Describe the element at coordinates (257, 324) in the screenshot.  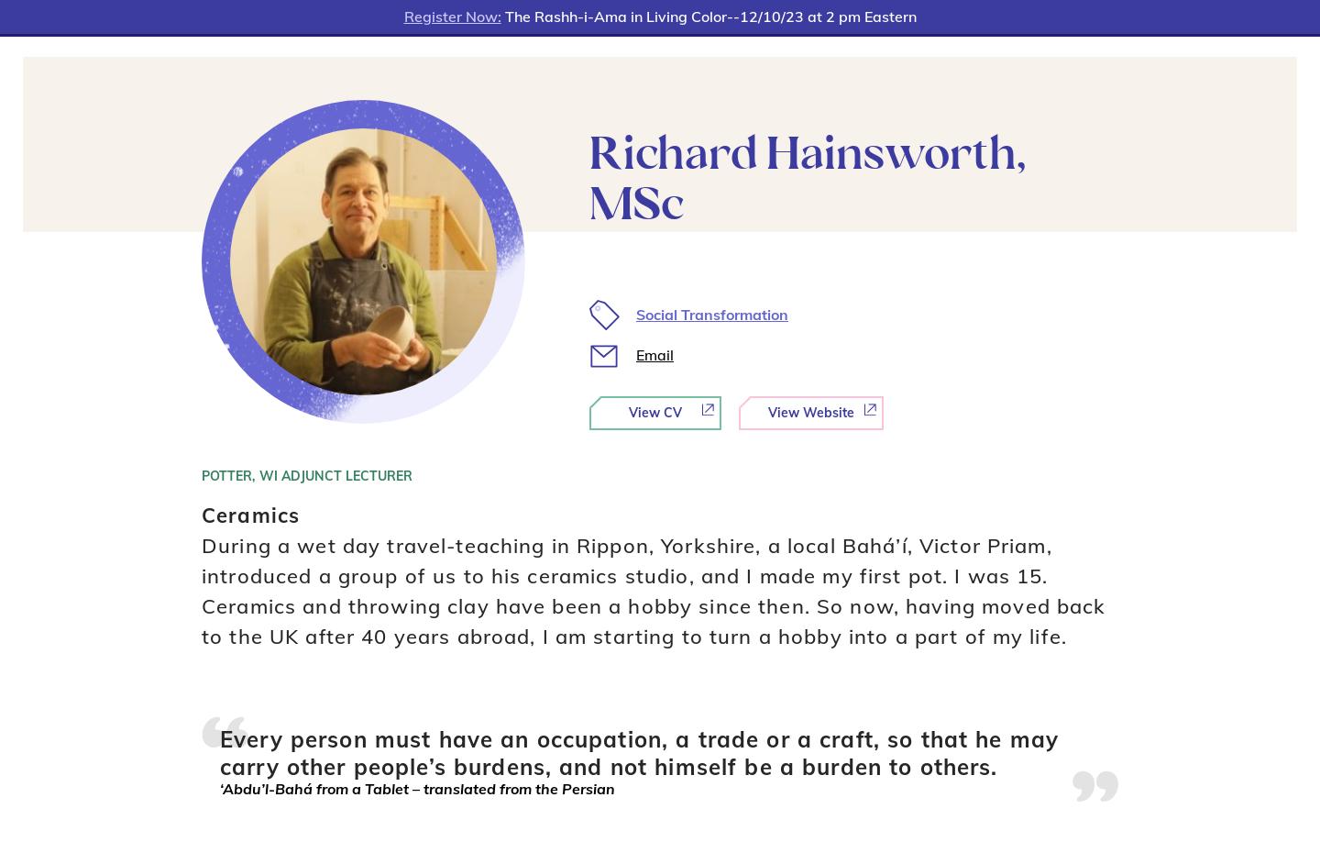
I see `'EXTENSION'` at that location.